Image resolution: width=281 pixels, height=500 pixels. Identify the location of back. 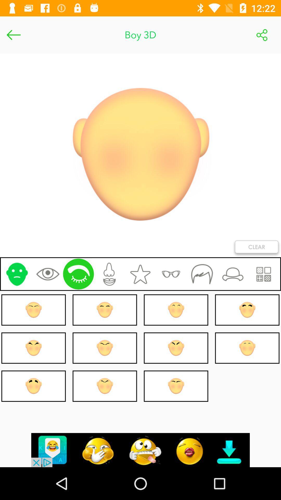
(13, 35).